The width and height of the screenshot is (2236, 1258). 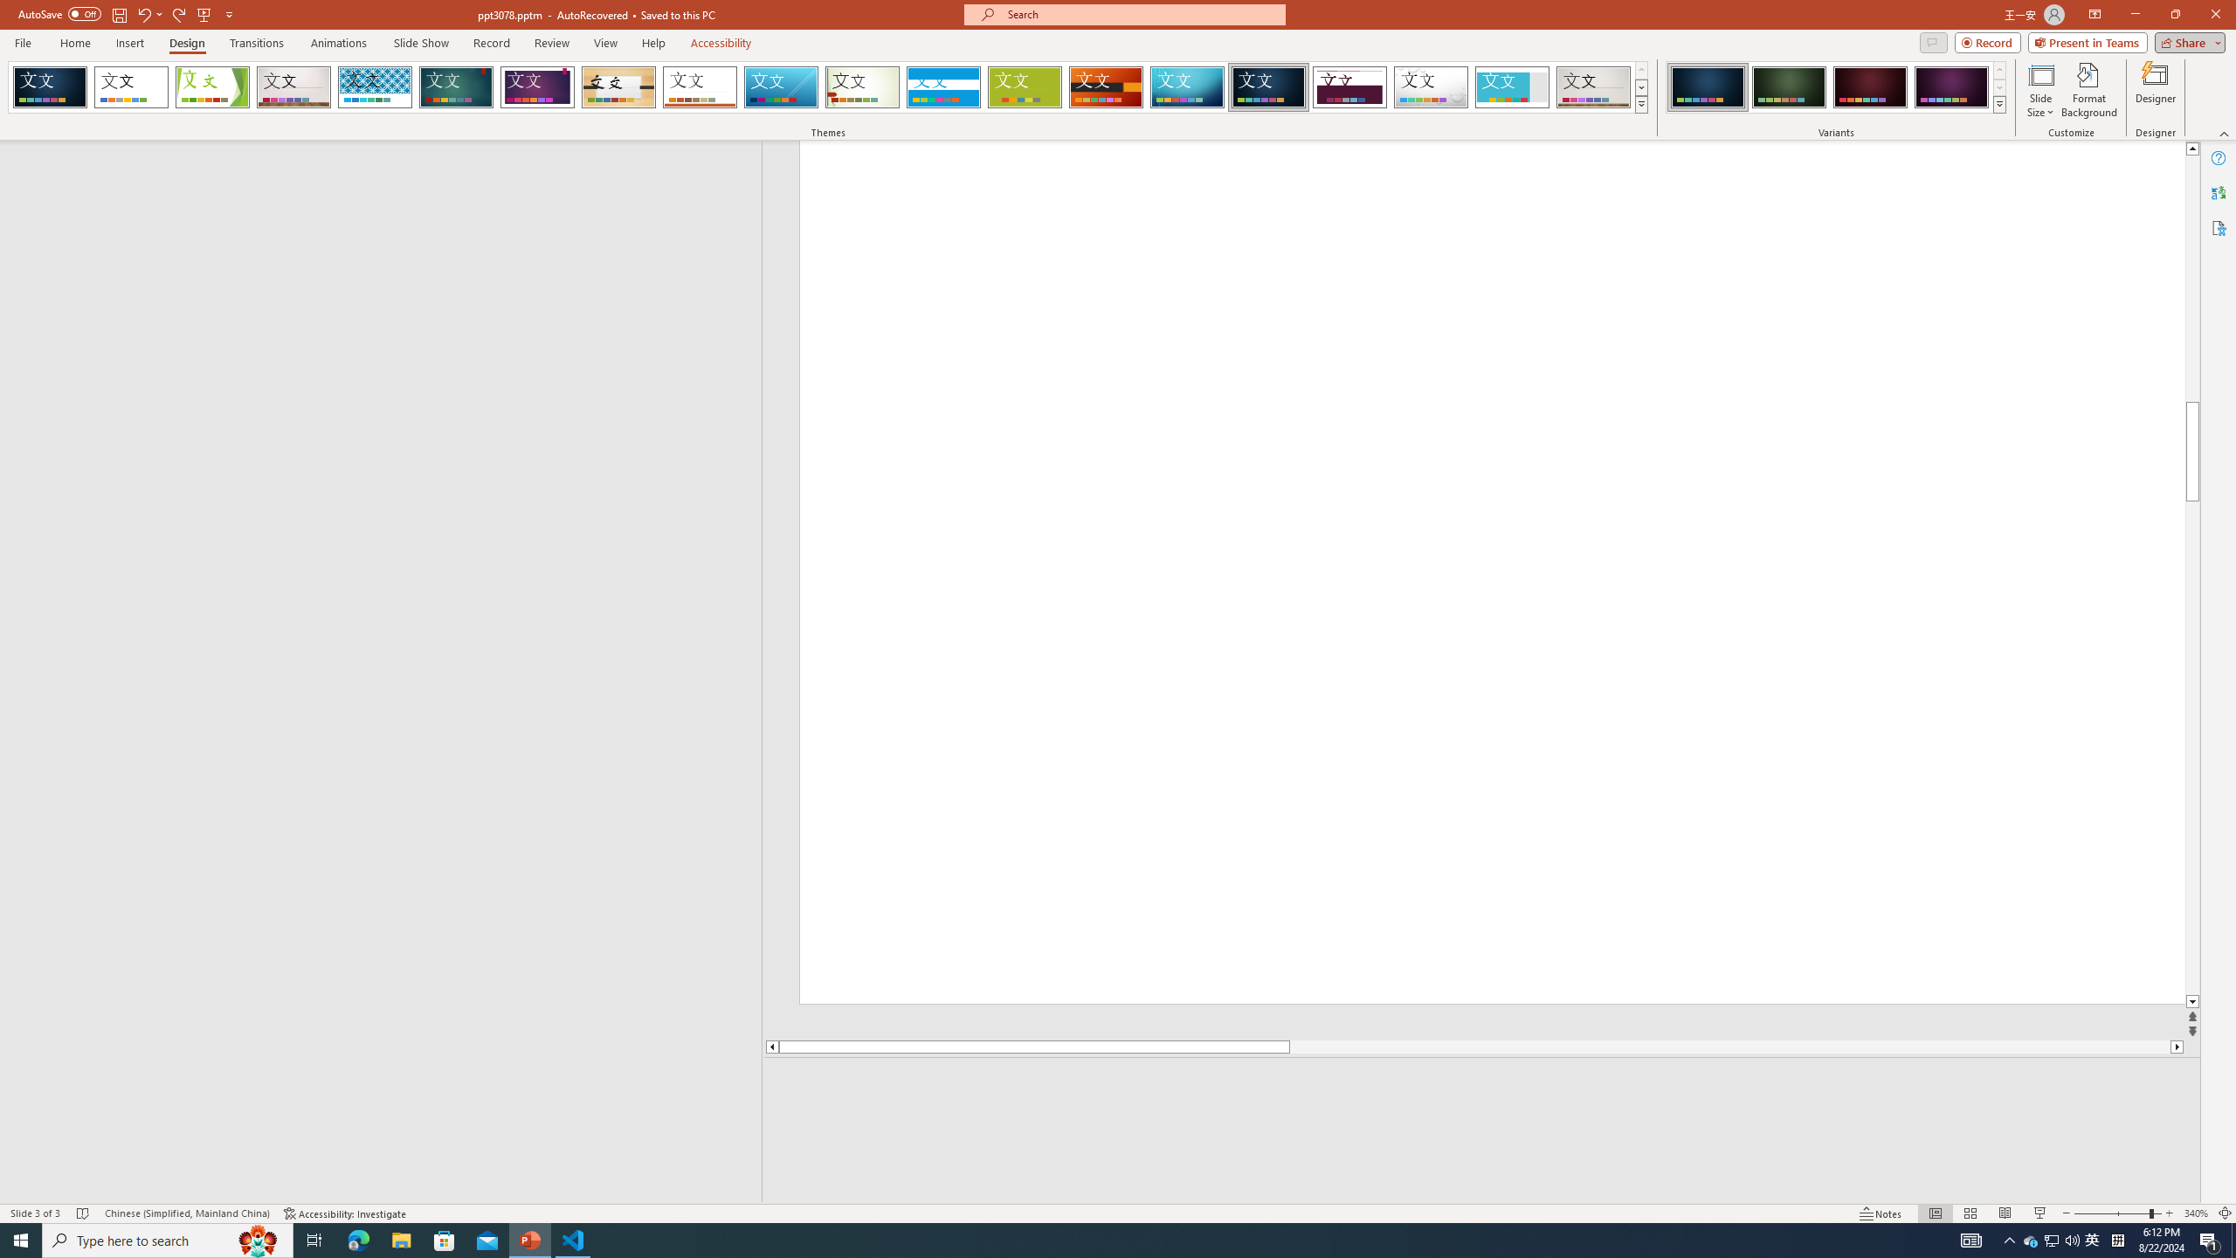 I want to click on 'Retrospect', so click(x=699, y=86).